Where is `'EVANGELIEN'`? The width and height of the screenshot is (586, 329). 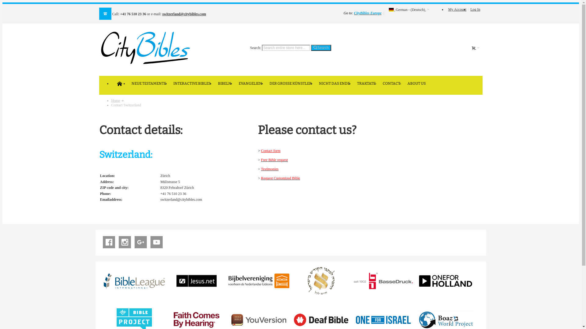
'EVANGELIEN' is located at coordinates (234, 83).